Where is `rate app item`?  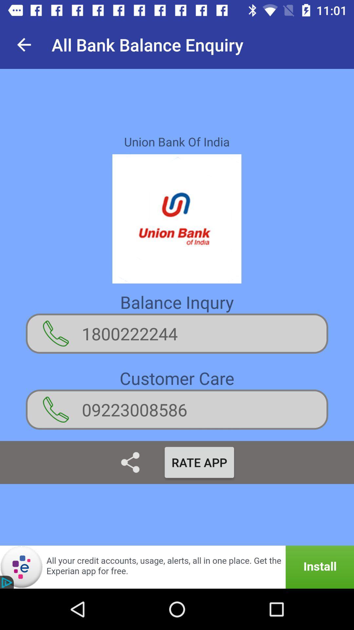 rate app item is located at coordinates (199, 462).